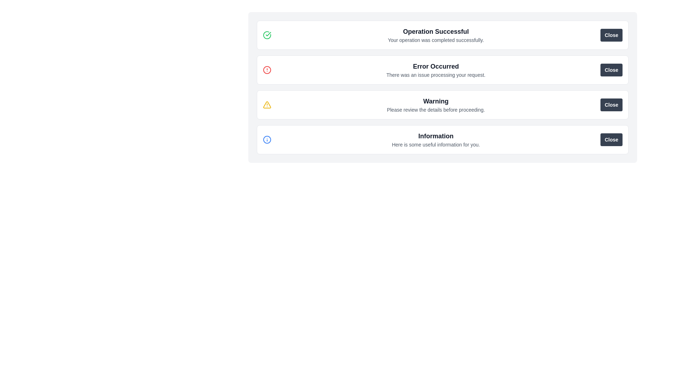 Image resolution: width=683 pixels, height=384 pixels. I want to click on the error or alert indicator icon located to the left of the title text 'Error Occurred' within the notification box, so click(266, 70).